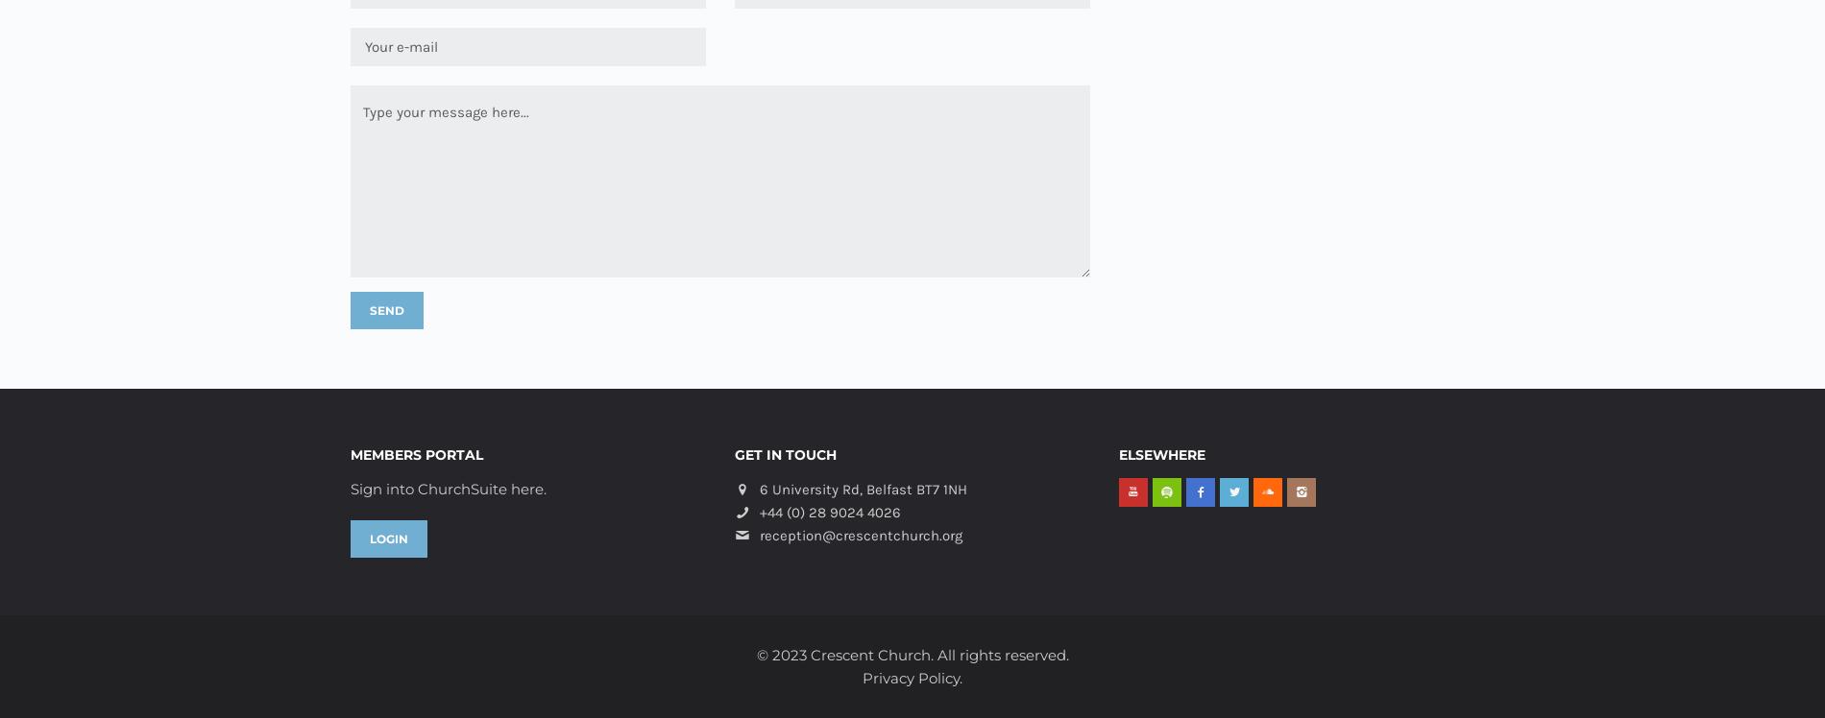 This screenshot has width=1825, height=718. I want to click on 'reception@crescentchurch.org', so click(860, 535).